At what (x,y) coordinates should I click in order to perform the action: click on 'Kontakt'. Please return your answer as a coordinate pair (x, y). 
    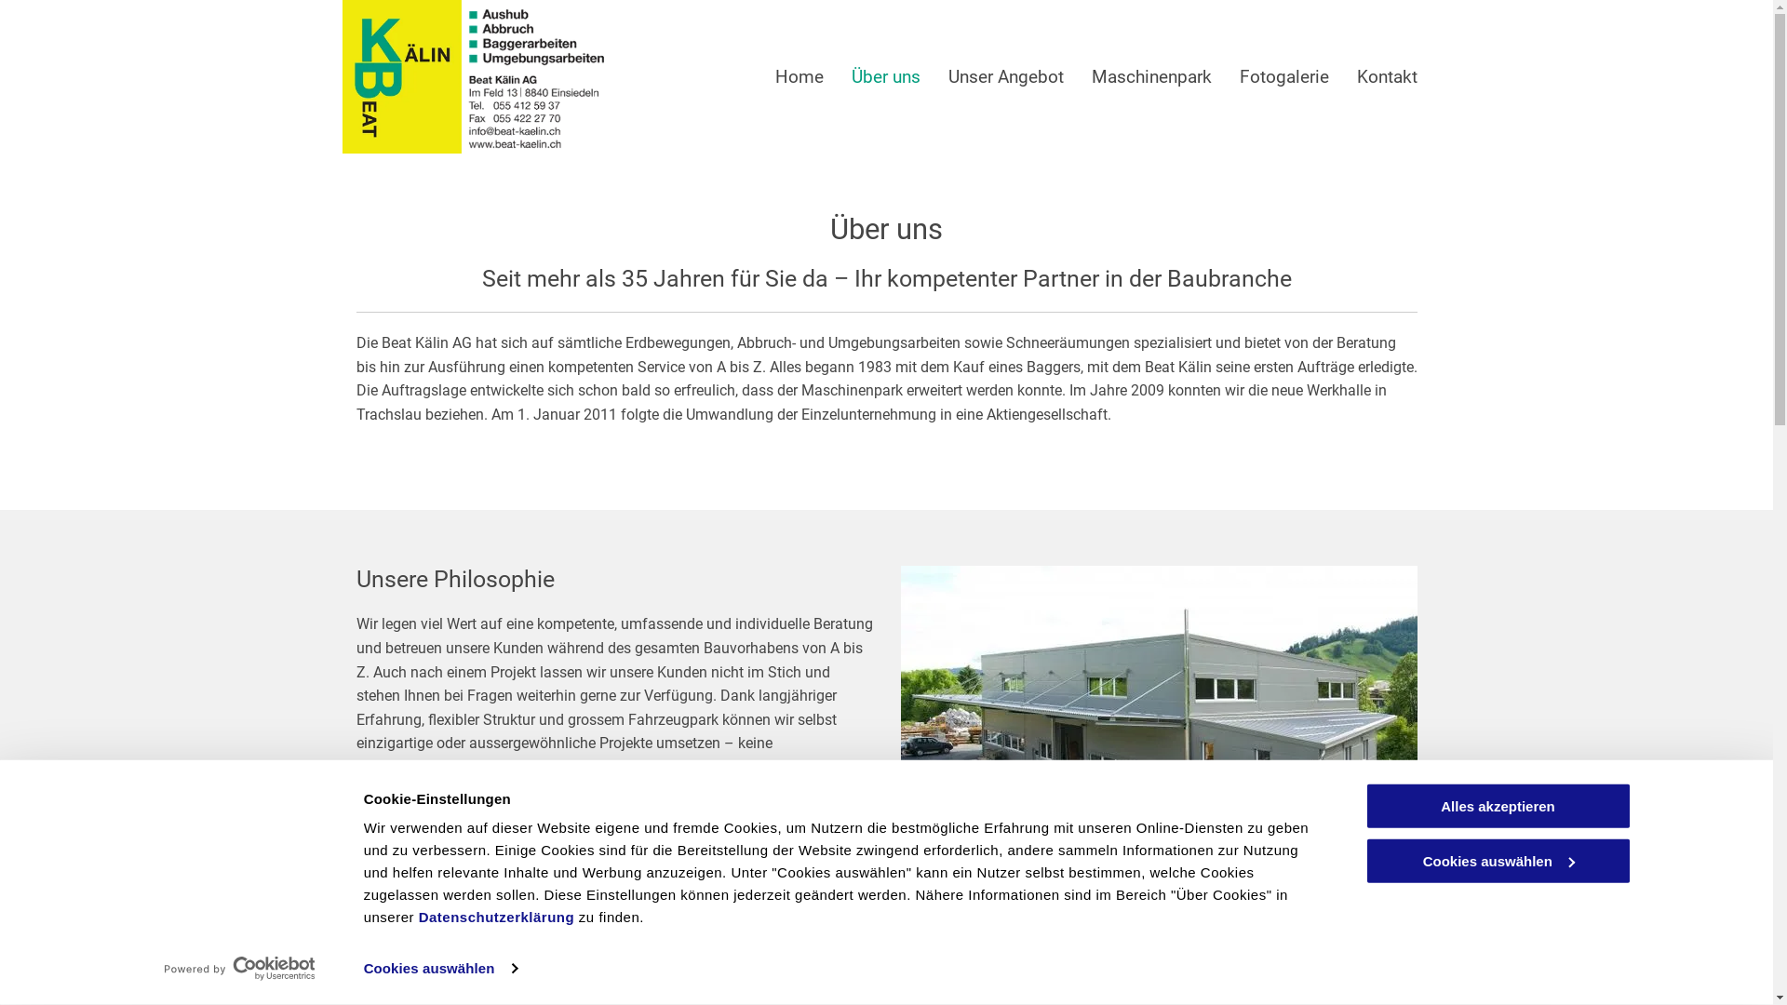
    Looking at the image, I should click on (1387, 75).